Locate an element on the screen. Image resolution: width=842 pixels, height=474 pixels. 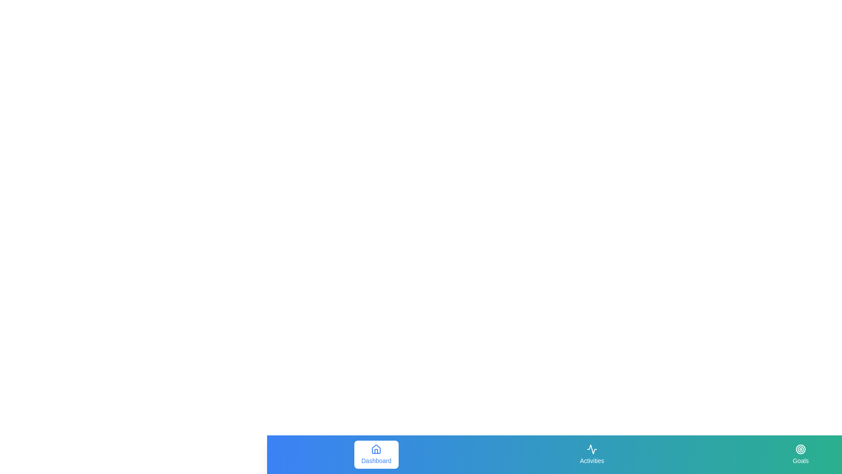
the navigation tab Goals by clicking on its corresponding button is located at coordinates (801, 454).